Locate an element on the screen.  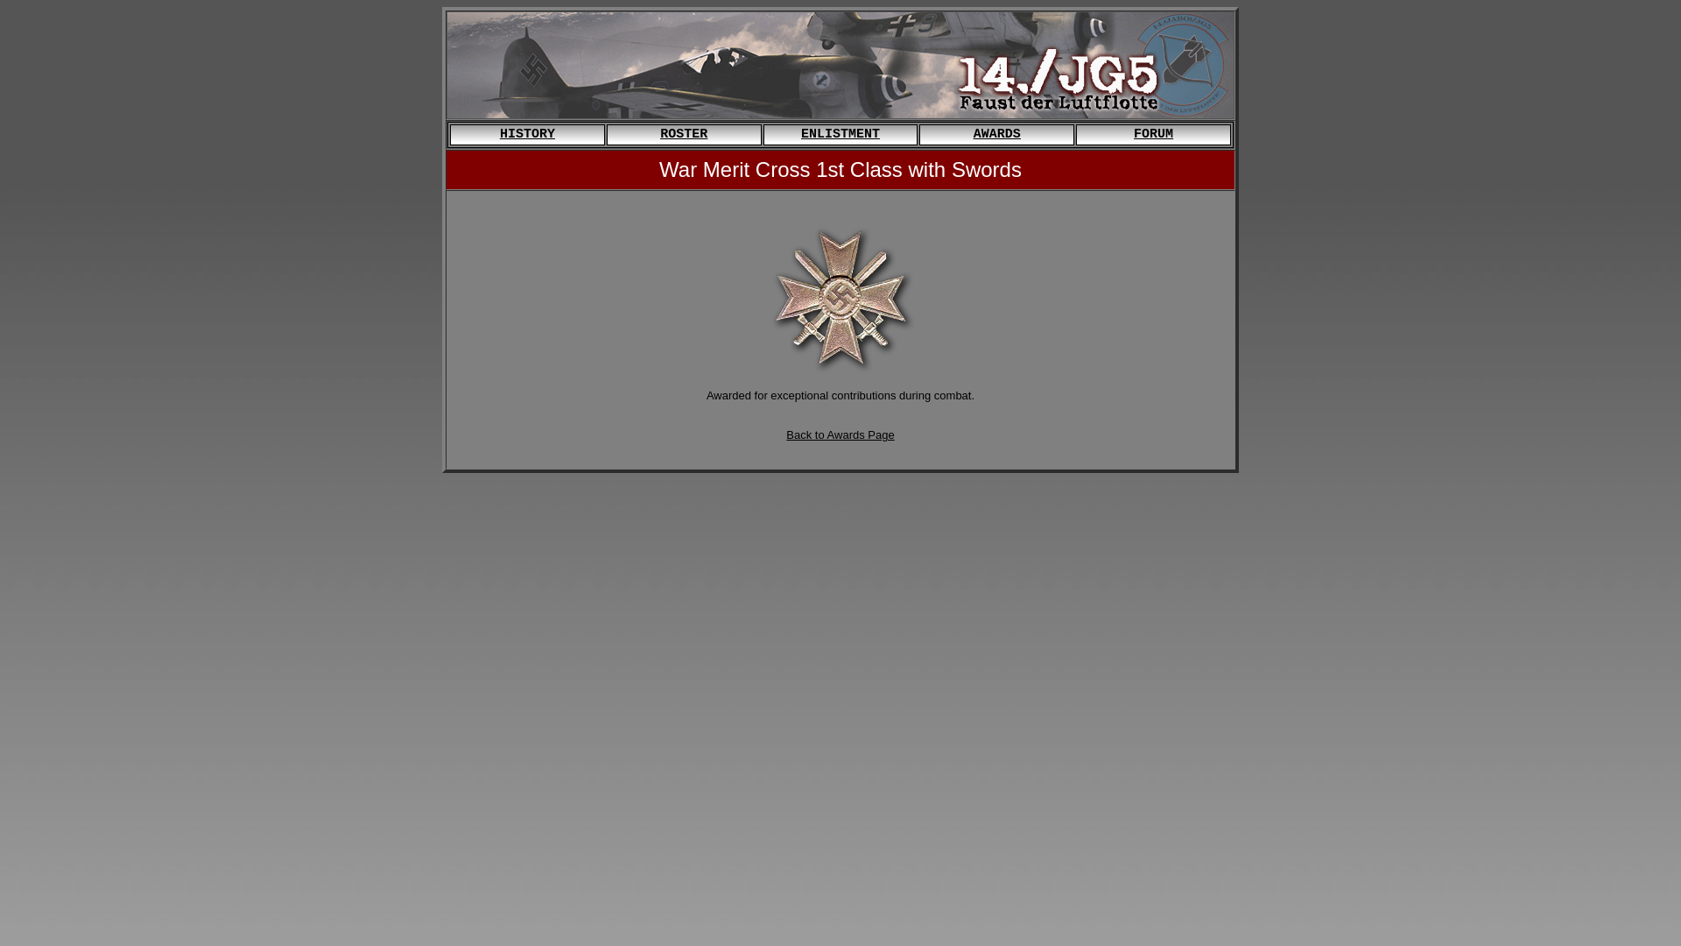
'HISTORY' is located at coordinates (526, 133).